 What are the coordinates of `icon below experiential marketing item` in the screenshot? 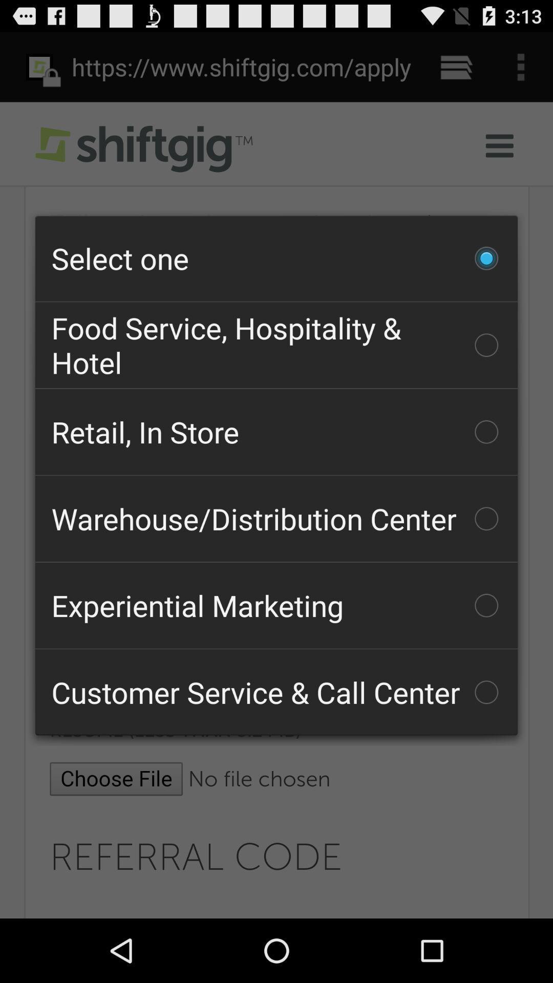 It's located at (276, 692).